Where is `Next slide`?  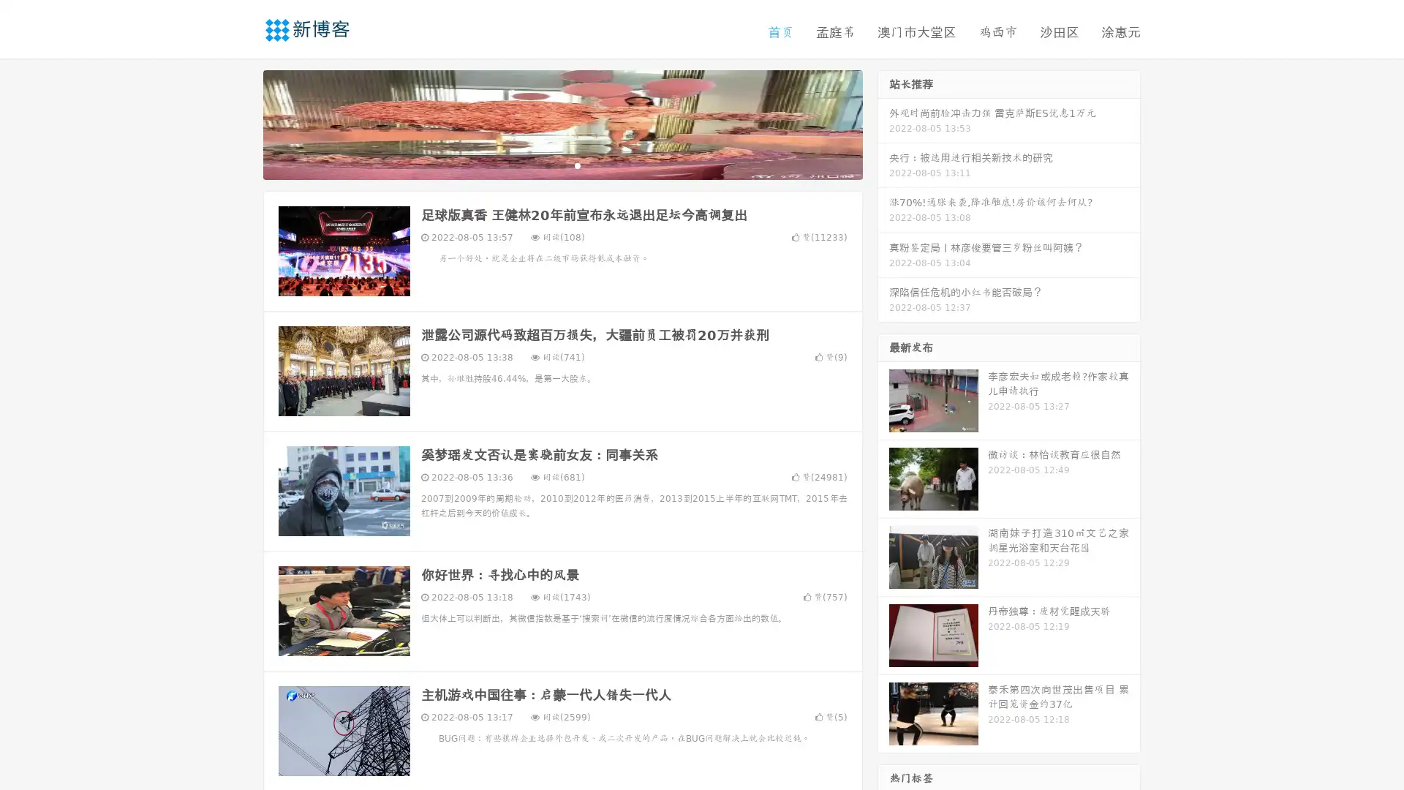 Next slide is located at coordinates (883, 123).